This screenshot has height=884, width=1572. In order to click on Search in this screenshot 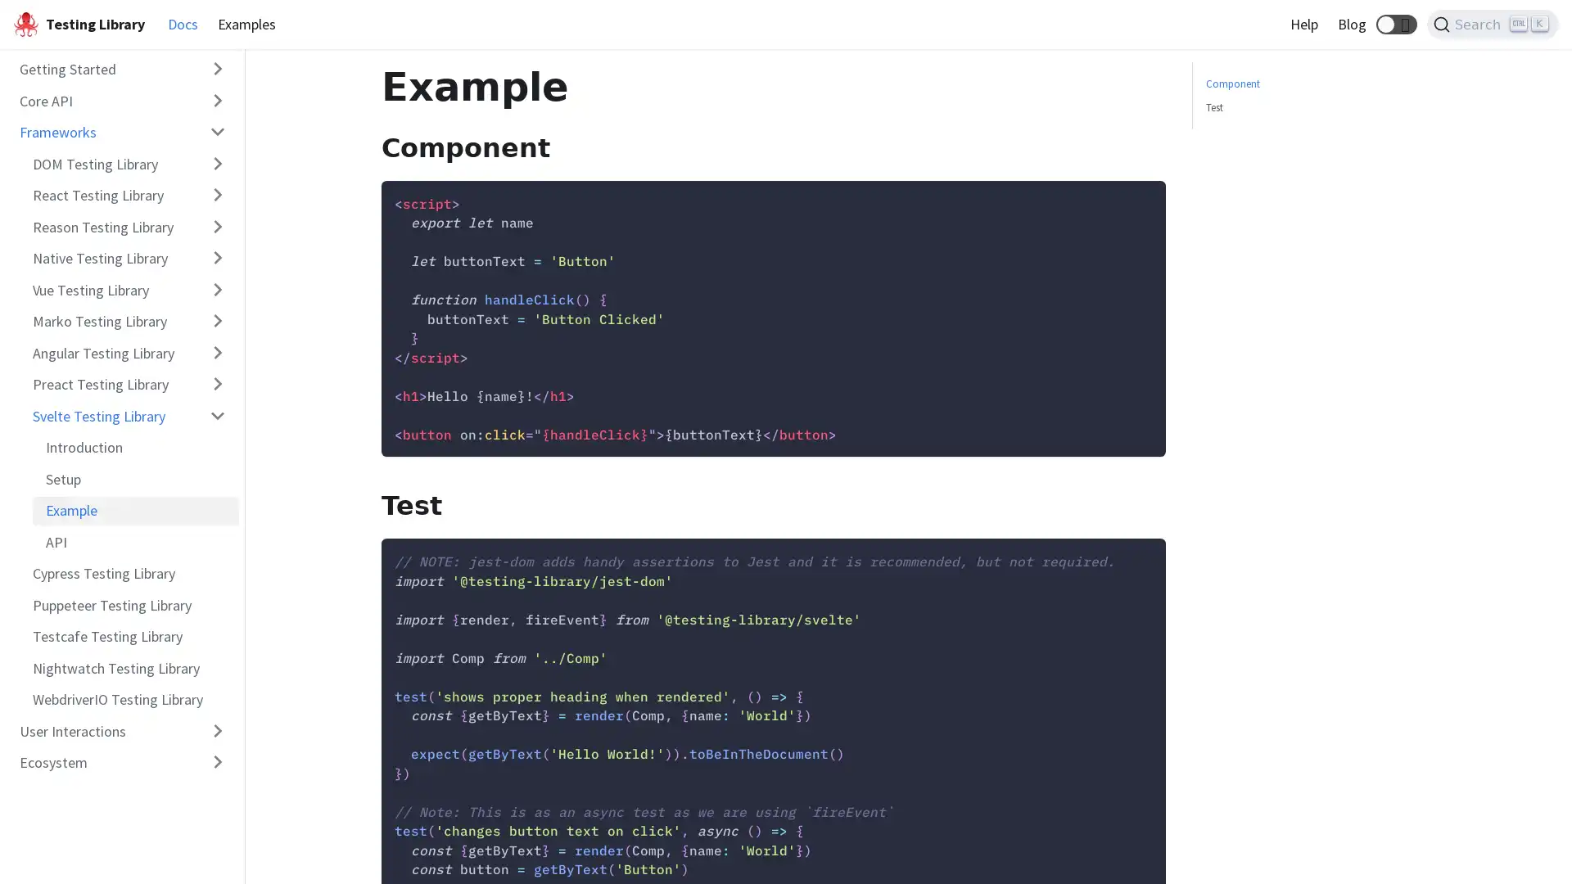, I will do `click(1493, 25)`.